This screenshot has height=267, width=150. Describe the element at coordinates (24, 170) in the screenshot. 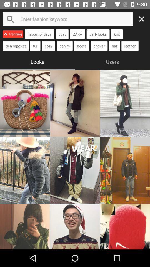

I see `looks user search peoples` at that location.